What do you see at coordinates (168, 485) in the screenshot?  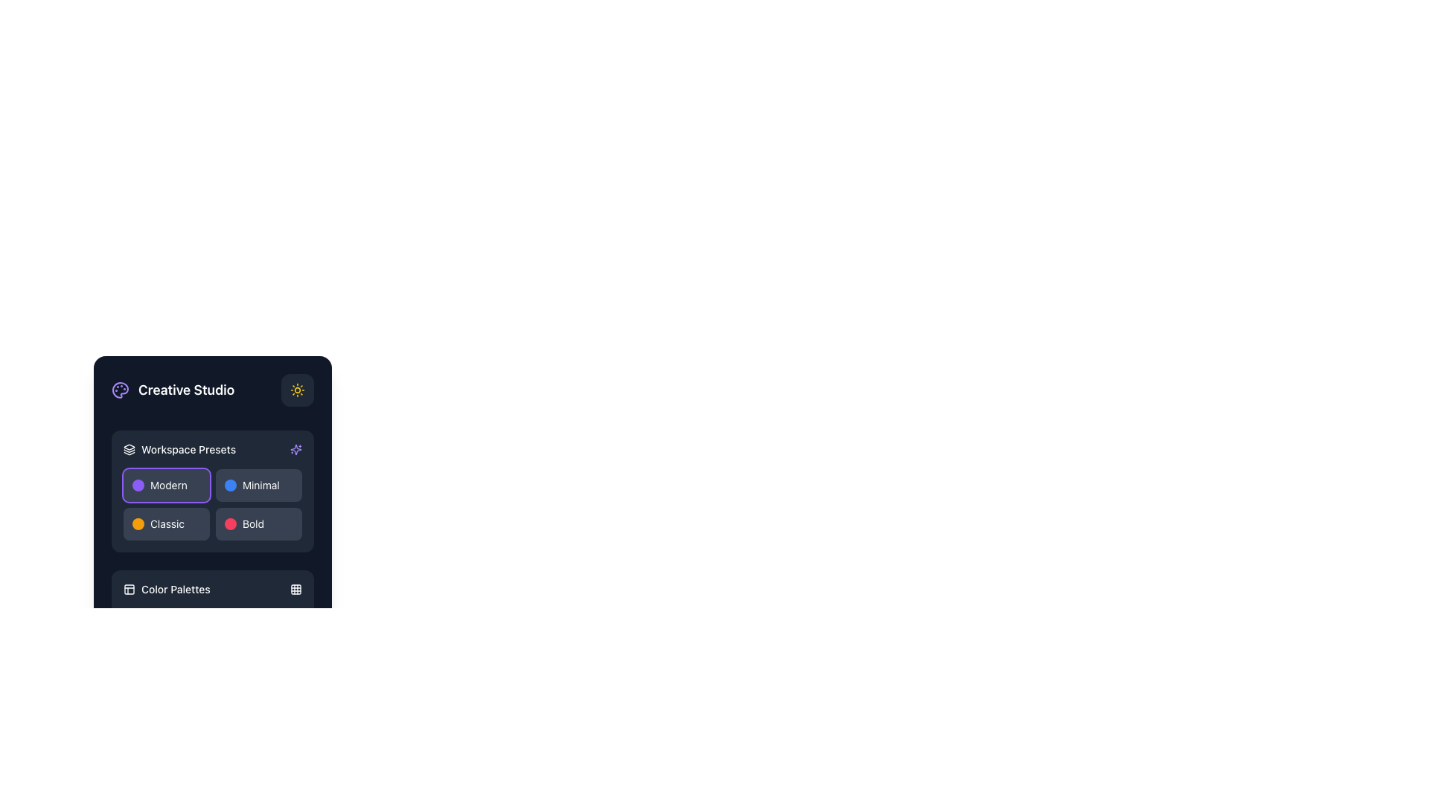 I see `the text label displaying 'Modern', which is styled in a small font size and capitalized, located within a rounded rectangular button with a violet ring outline and a dark gray background, near the top-left corner of a grid of buttons under 'Workspace Presets'` at bounding box center [168, 485].